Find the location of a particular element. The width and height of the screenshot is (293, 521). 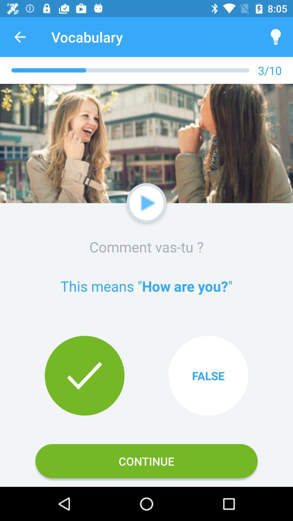

the continue item is located at coordinates (146, 461).